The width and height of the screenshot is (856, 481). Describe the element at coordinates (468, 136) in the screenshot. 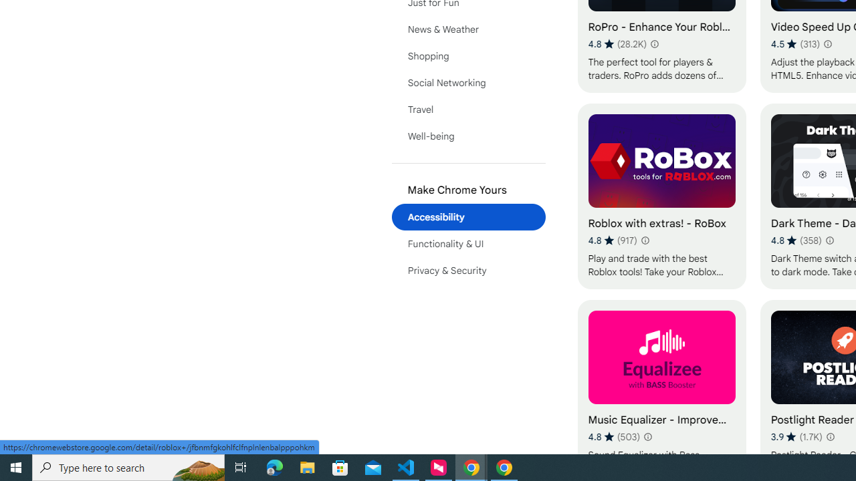

I see `'Well-being'` at that location.